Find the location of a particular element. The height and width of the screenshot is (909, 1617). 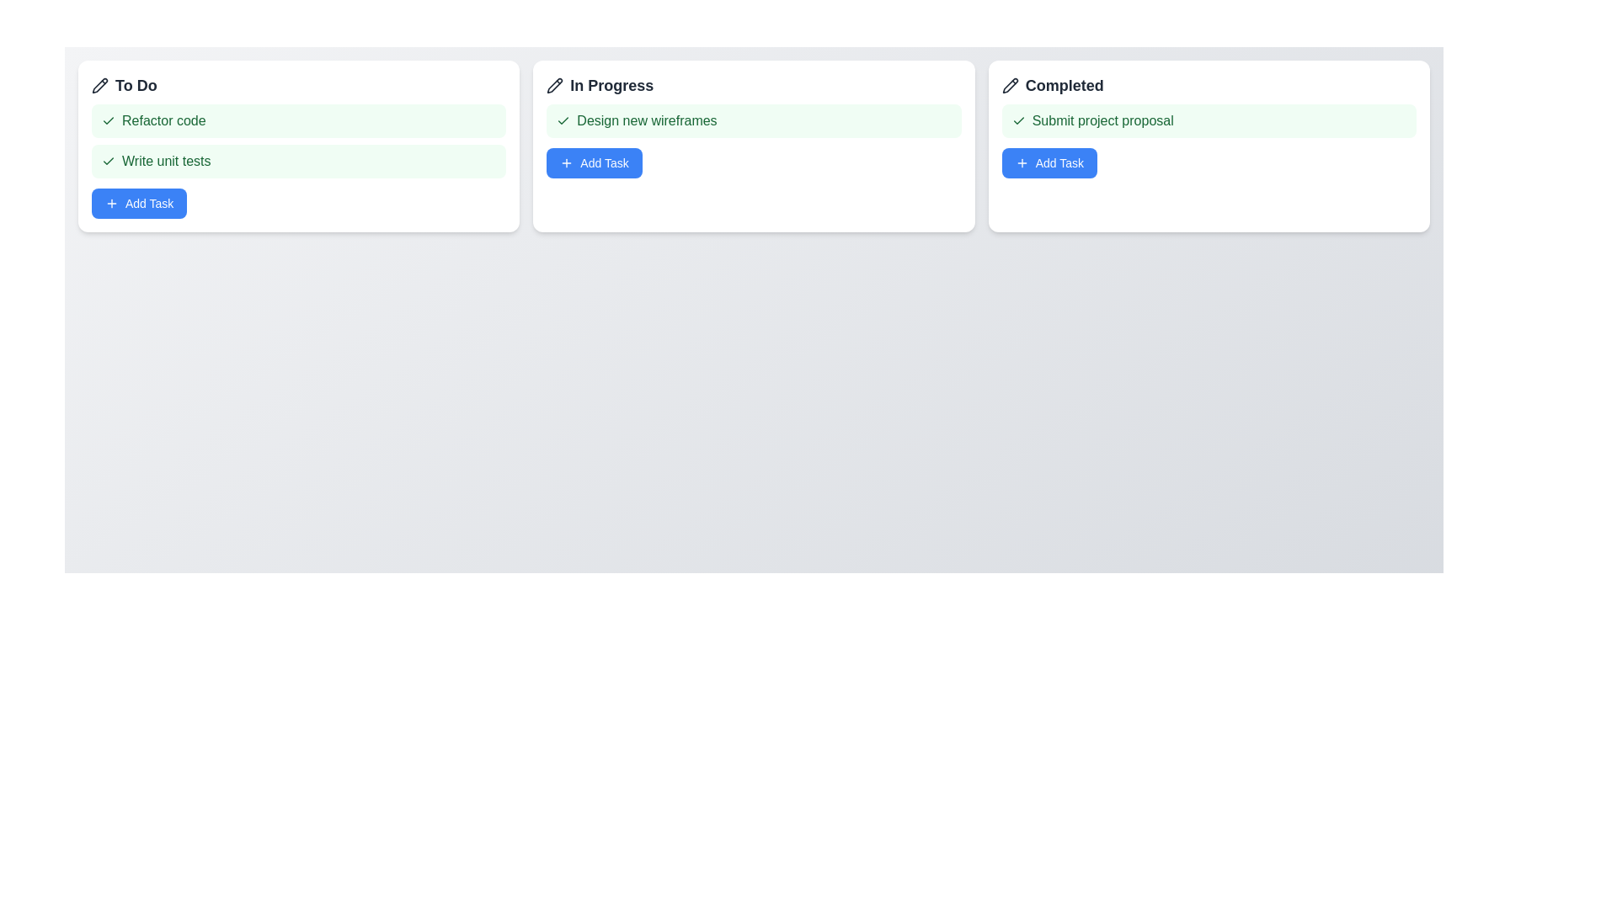

'Add Task' button for the column titled 'To Do' to add a new task is located at coordinates (139, 203).